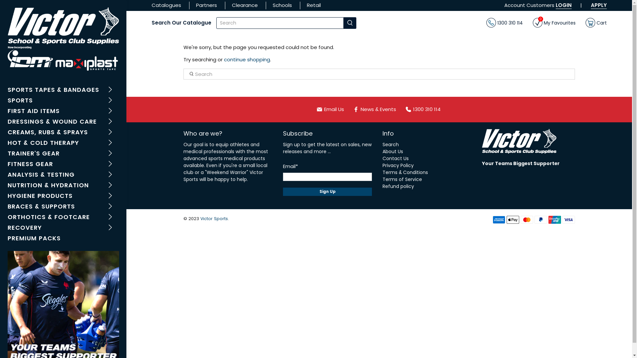  What do you see at coordinates (556, 5) in the screenshot?
I see `'LOGIN'` at bounding box center [556, 5].